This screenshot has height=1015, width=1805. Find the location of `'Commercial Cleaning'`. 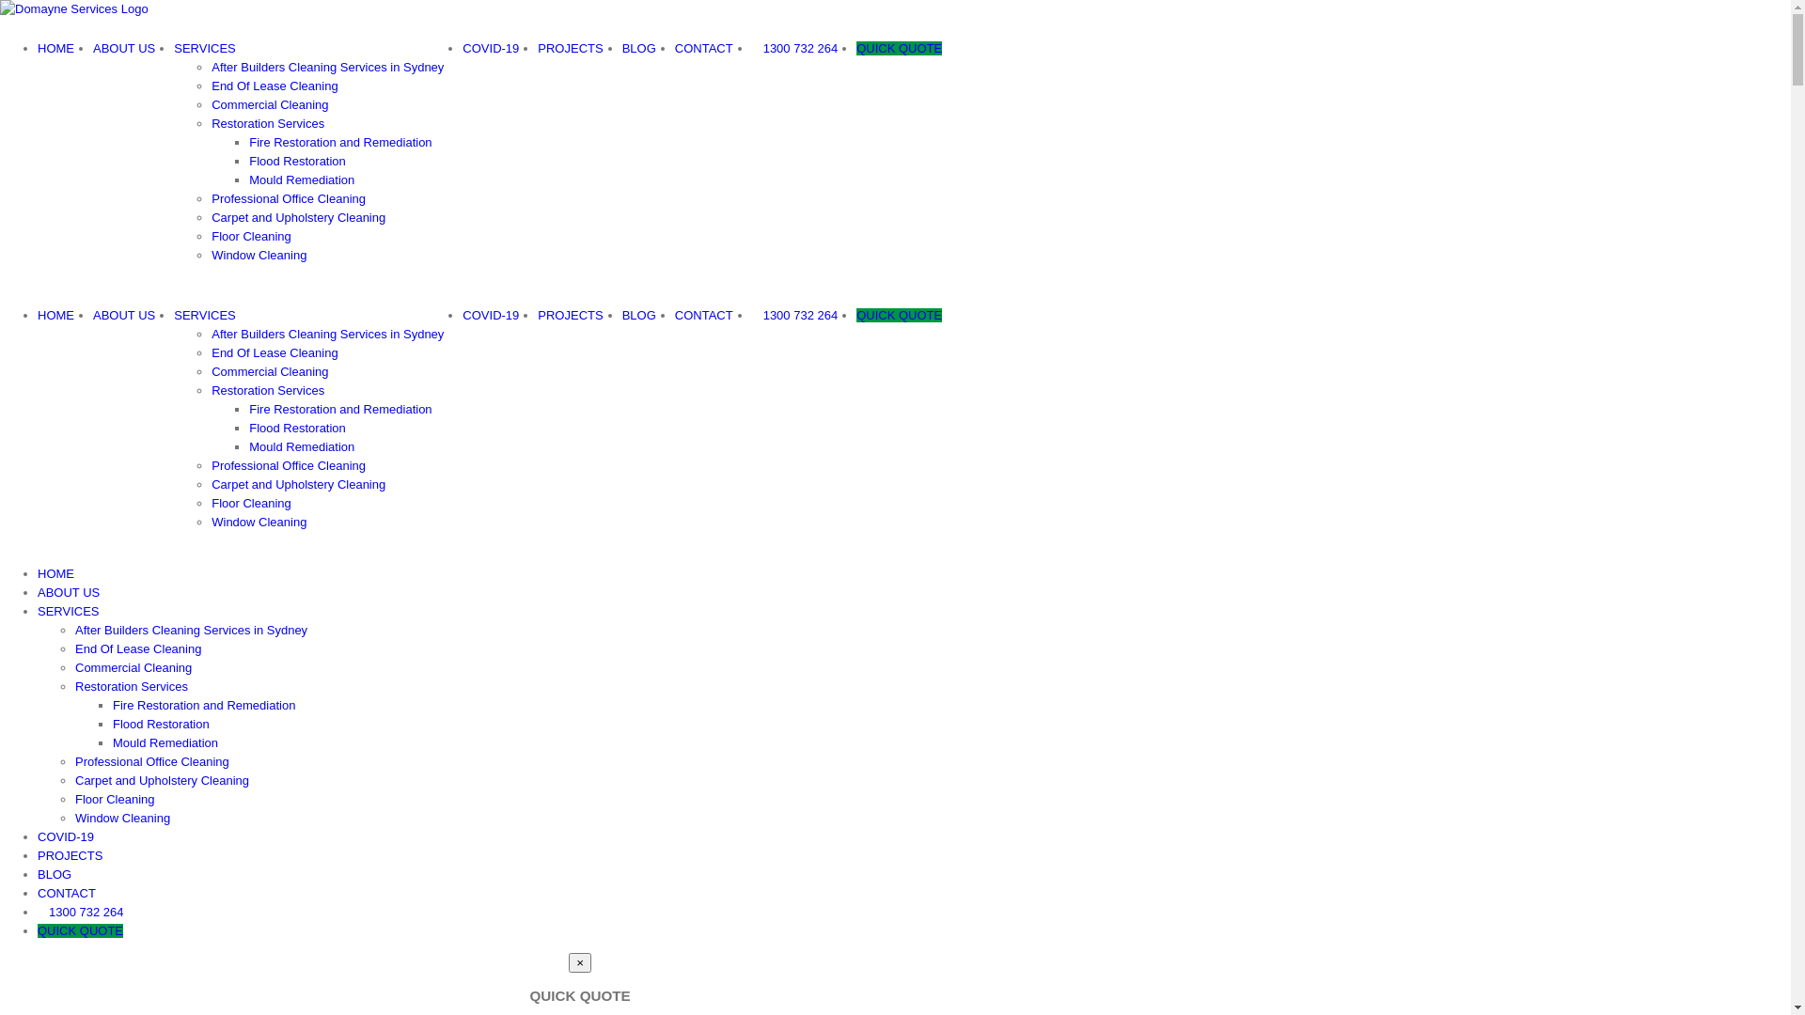

'Commercial Cleaning' is located at coordinates (269, 104).